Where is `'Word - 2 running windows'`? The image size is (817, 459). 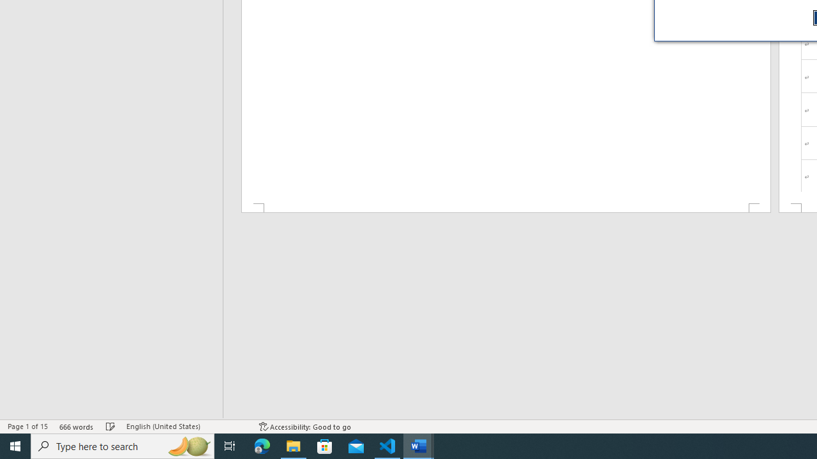
'Word - 2 running windows' is located at coordinates (419, 445).